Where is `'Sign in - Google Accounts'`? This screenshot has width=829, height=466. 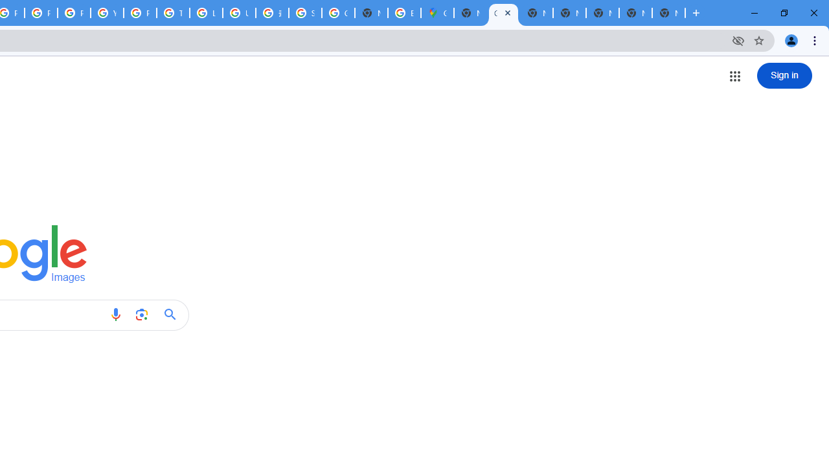
'Sign in - Google Accounts' is located at coordinates (304, 13).